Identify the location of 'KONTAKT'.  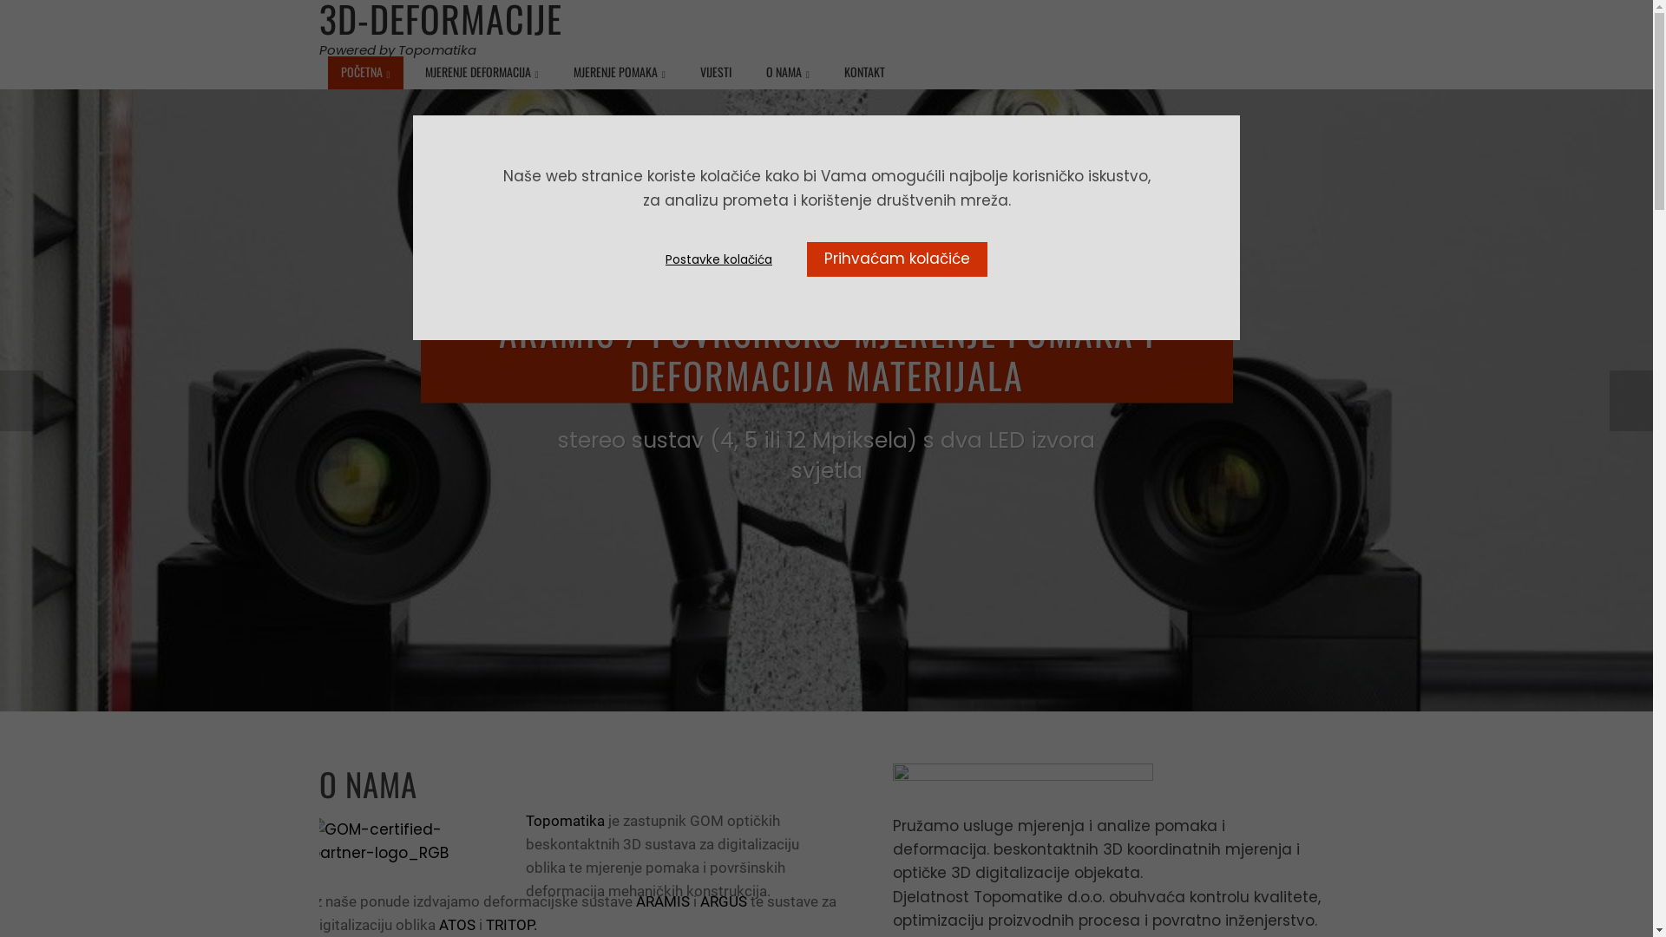
(864, 71).